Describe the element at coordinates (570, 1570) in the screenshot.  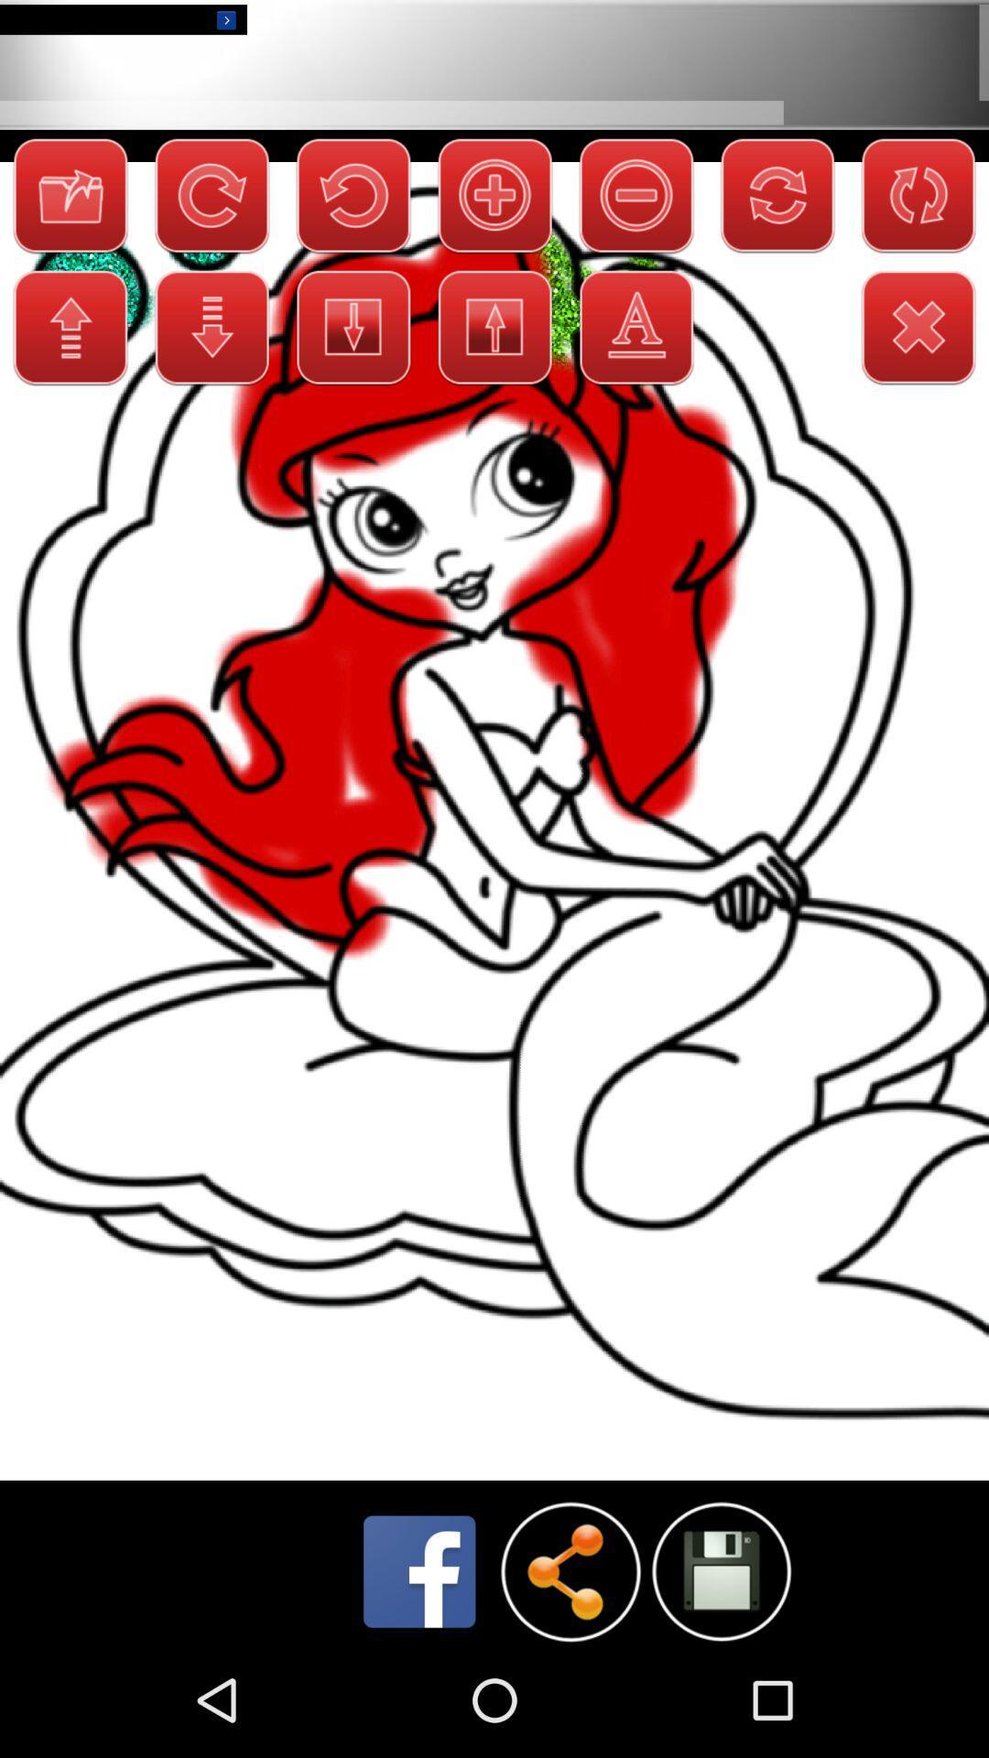
I see `share drawing` at that location.